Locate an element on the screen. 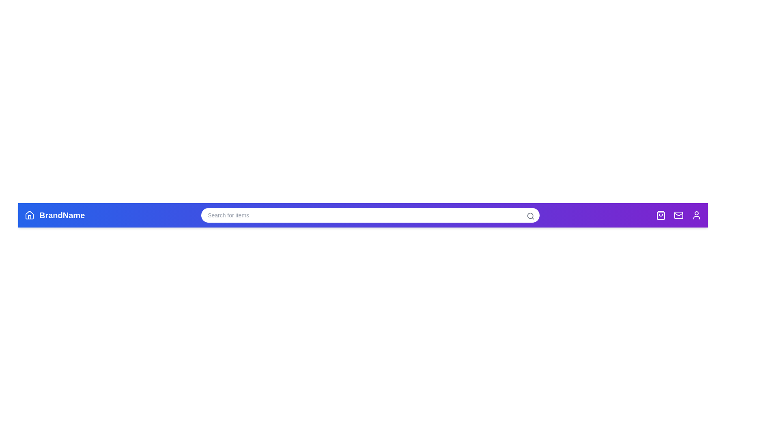  the search icon to initiate the search is located at coordinates (531, 215).